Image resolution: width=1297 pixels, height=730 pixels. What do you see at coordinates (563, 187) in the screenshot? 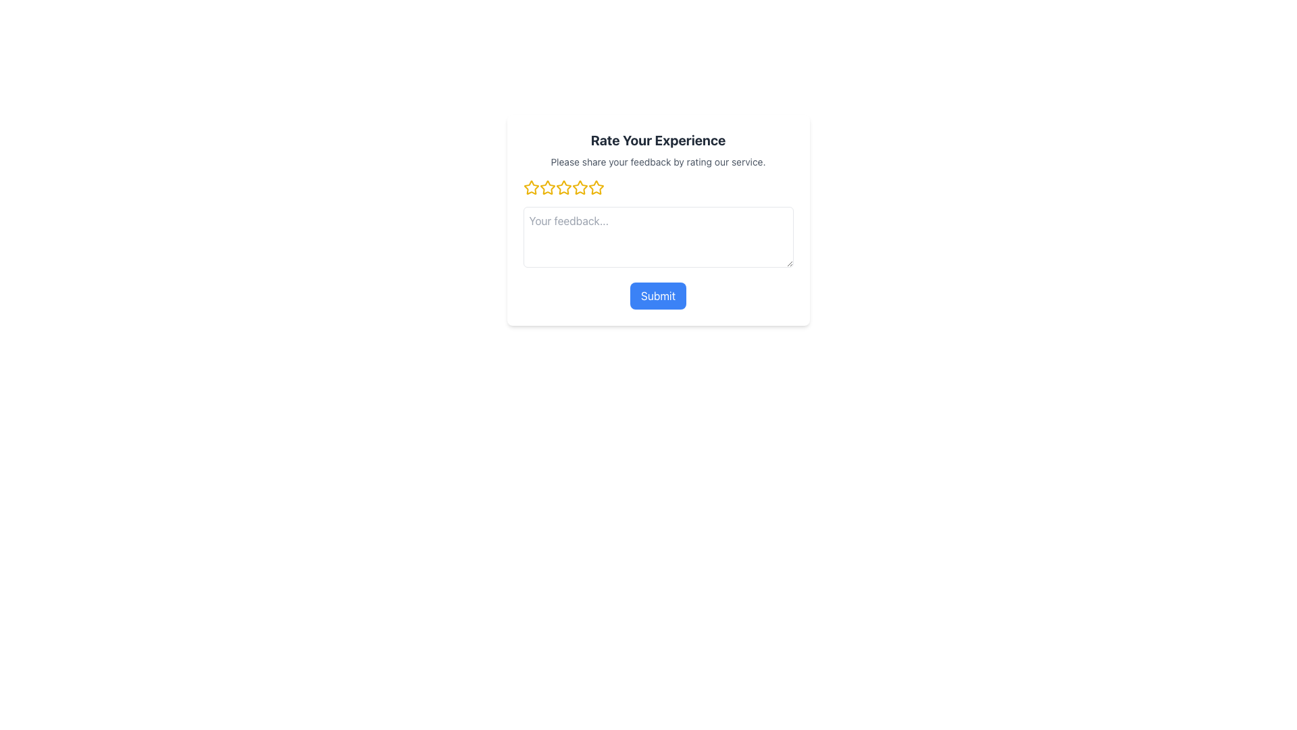
I see `the second star in the rating component` at bounding box center [563, 187].